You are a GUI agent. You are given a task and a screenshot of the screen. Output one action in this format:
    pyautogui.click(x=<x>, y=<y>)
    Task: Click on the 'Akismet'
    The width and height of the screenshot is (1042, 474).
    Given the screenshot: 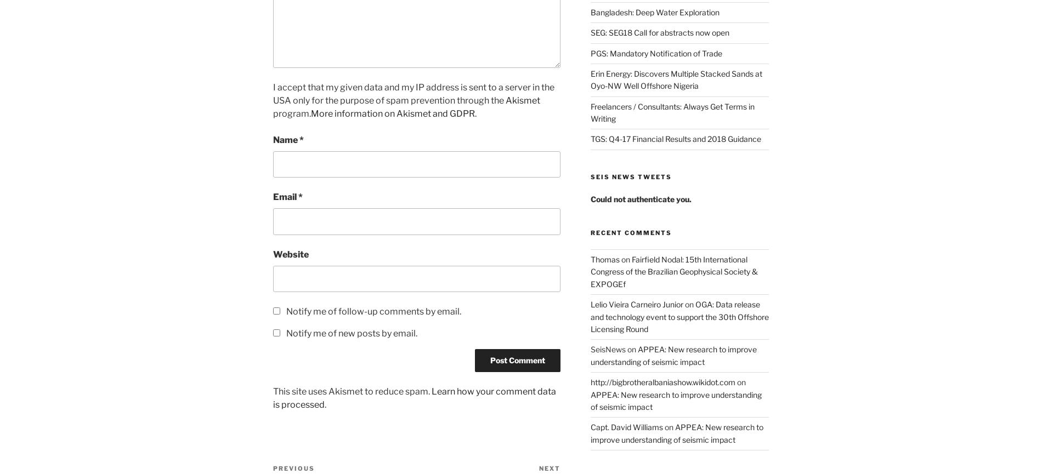 What is the action you would take?
    pyautogui.click(x=523, y=99)
    